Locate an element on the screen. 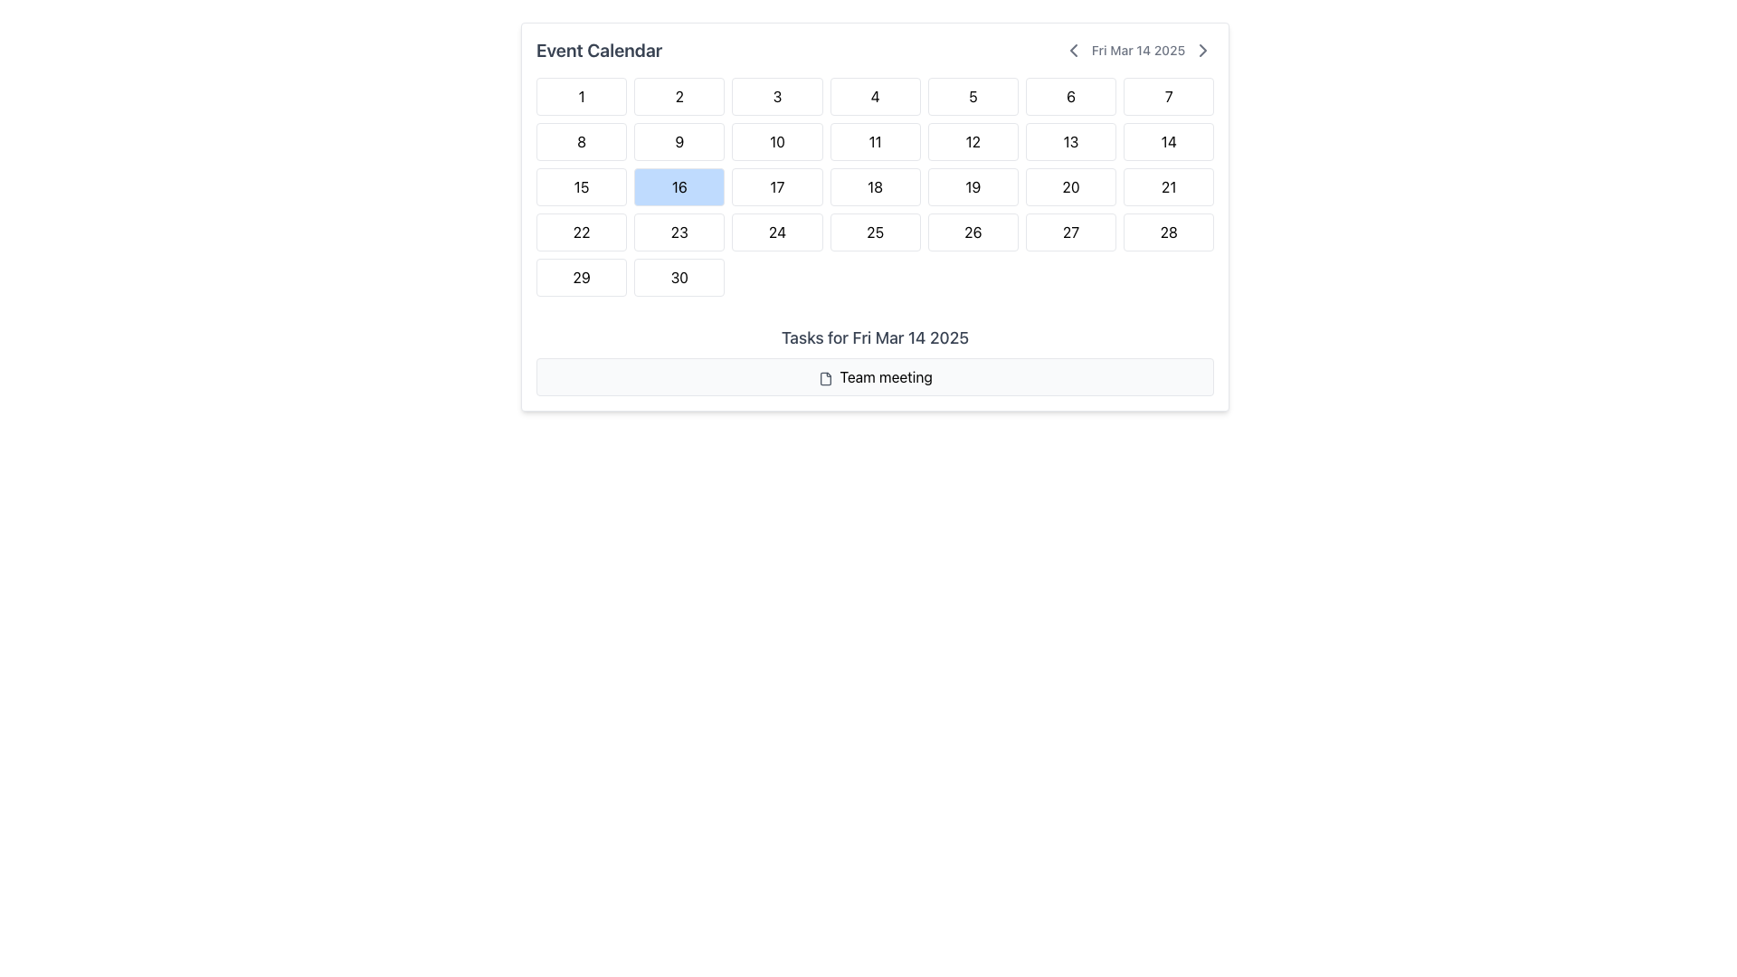 This screenshot has height=977, width=1737. the file icon, which is a gray, minimalist representation of a document with notched corners, located within the 'Team meeting' box is located at coordinates (824, 377).